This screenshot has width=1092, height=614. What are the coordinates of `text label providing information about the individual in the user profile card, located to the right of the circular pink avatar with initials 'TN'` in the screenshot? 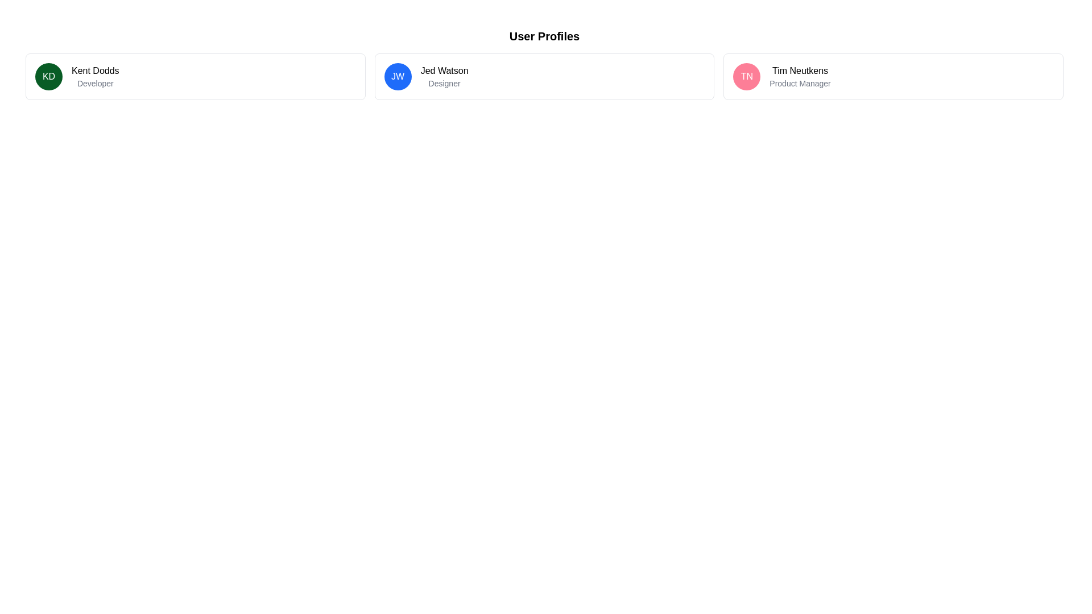 It's located at (799, 77).